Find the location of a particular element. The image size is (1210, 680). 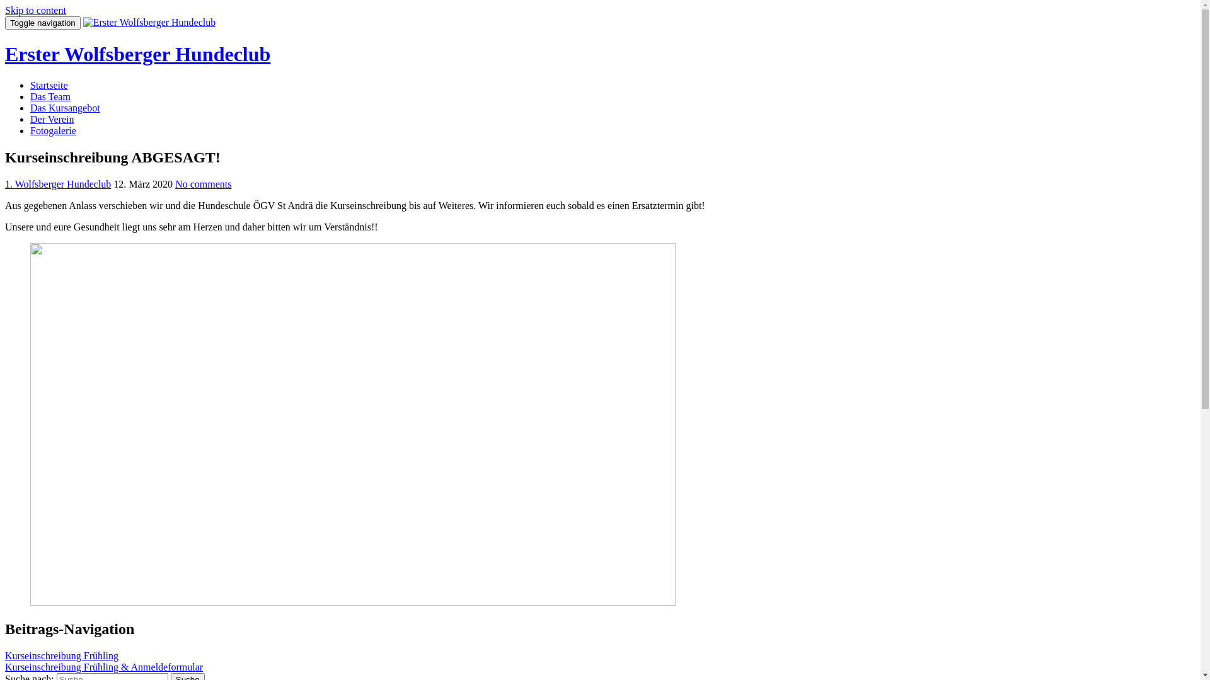

'No comments' is located at coordinates (203, 184).